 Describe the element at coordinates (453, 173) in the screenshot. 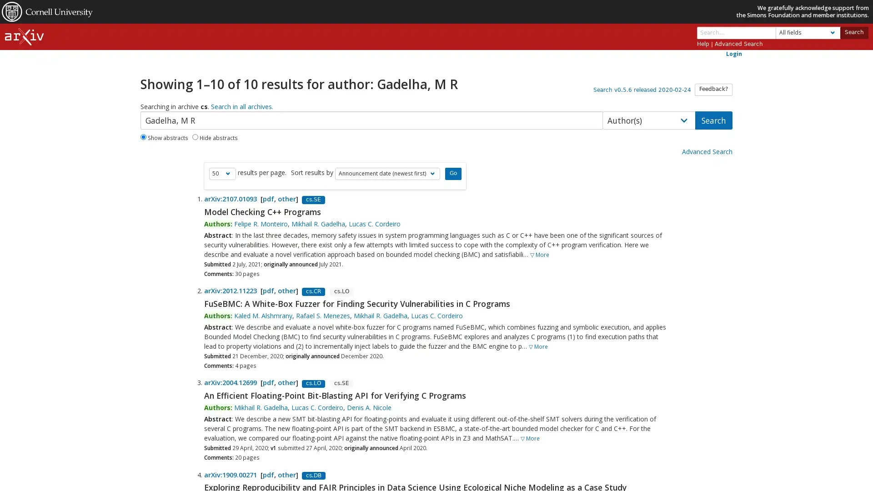

I see `Go` at that location.